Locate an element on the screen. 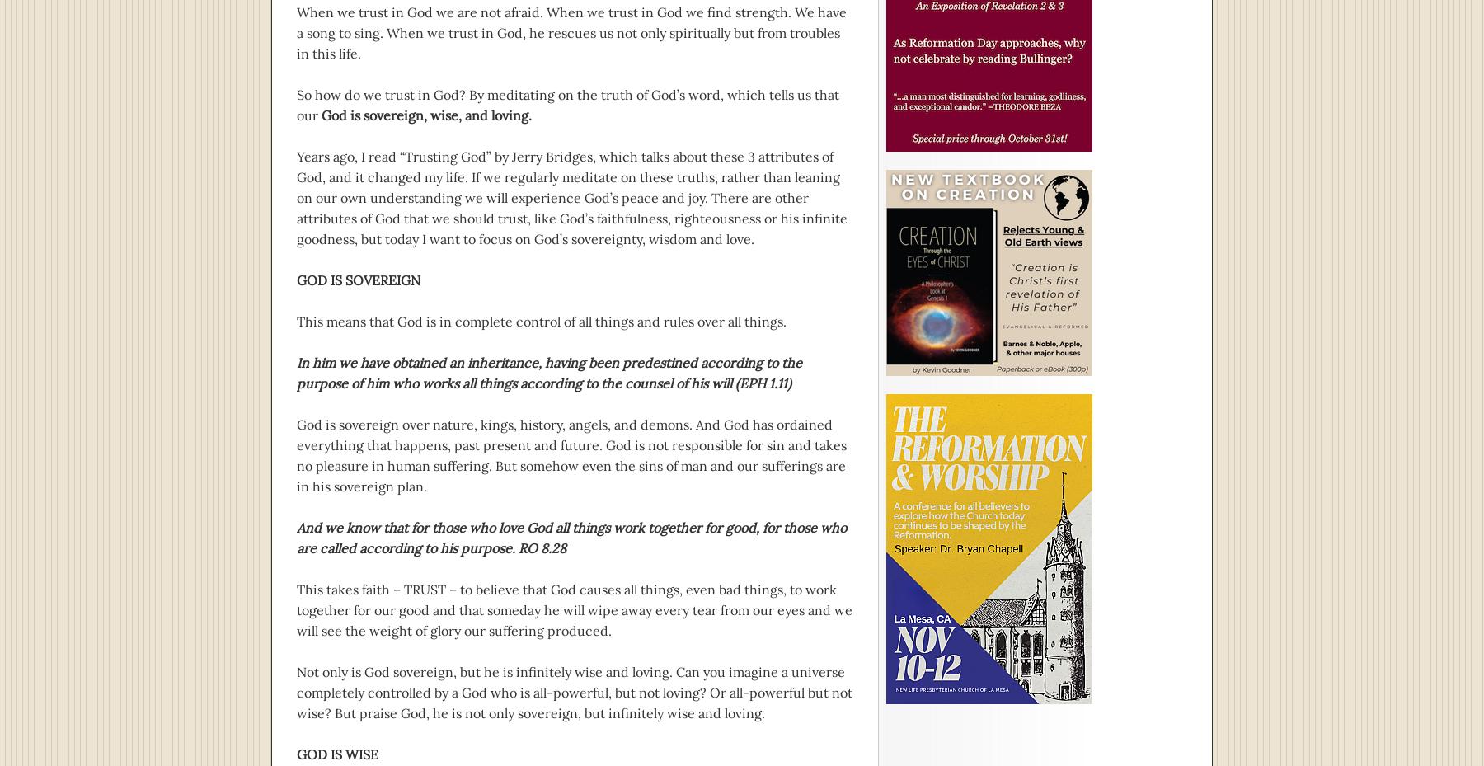 This screenshot has width=1484, height=766. 'This takes faith – TRUST – to believe that God causes all things, even bad things, to work together for our good and that someday he will wipe away every tear from our eyes and we will see the weight of glory our suffering produced.' is located at coordinates (573, 610).